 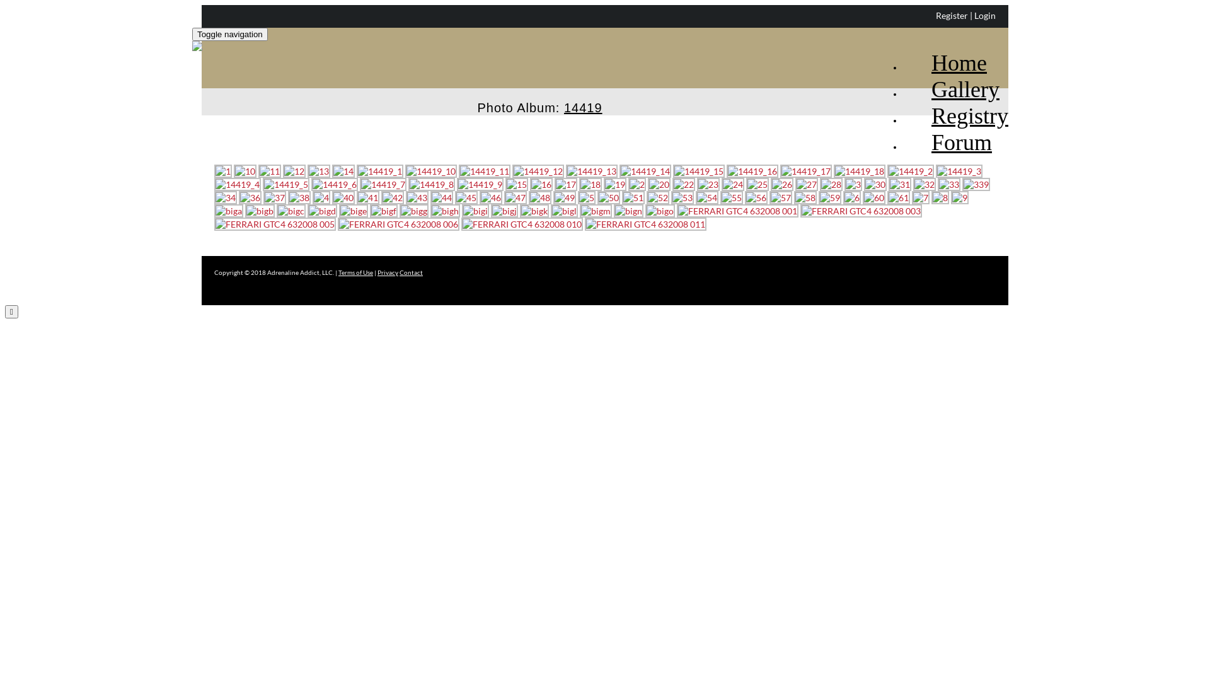 What do you see at coordinates (398, 223) in the screenshot?
I see `'FERRARI GTC4 632008 006 (click to enlarge)'` at bounding box center [398, 223].